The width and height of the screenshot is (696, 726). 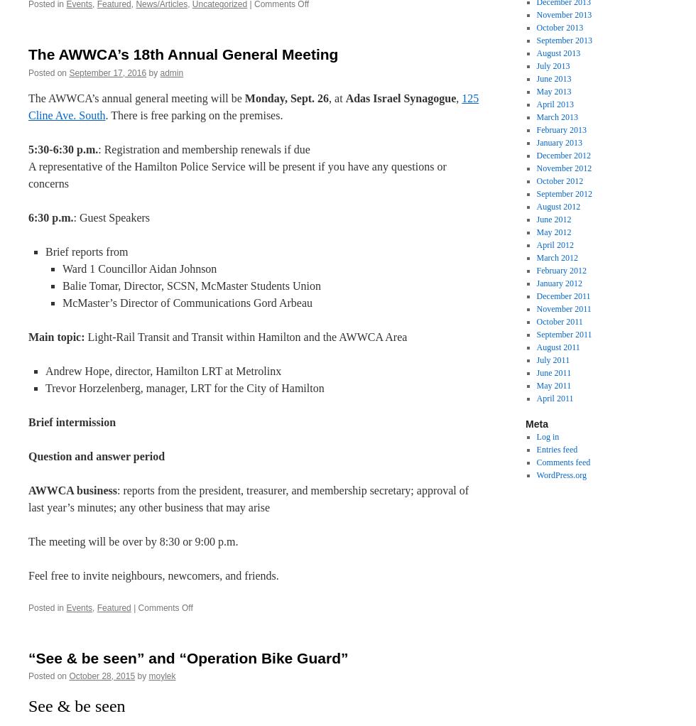 I want to click on 'October 2013', so click(x=535, y=28).